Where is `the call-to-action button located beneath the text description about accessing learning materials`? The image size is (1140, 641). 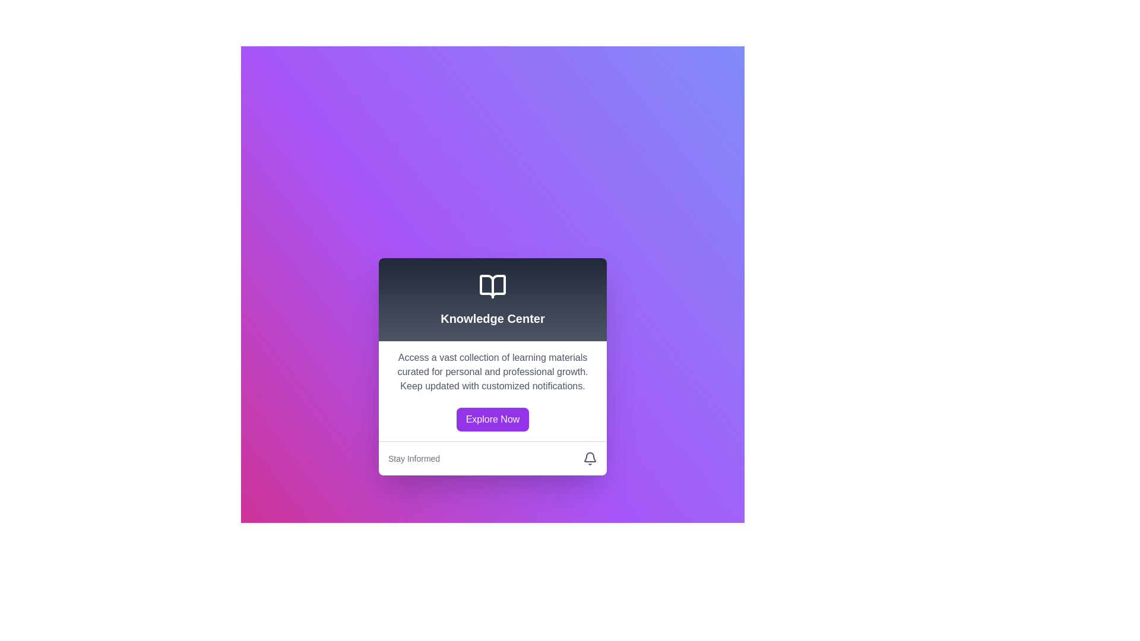
the call-to-action button located beneath the text description about accessing learning materials is located at coordinates (493, 418).